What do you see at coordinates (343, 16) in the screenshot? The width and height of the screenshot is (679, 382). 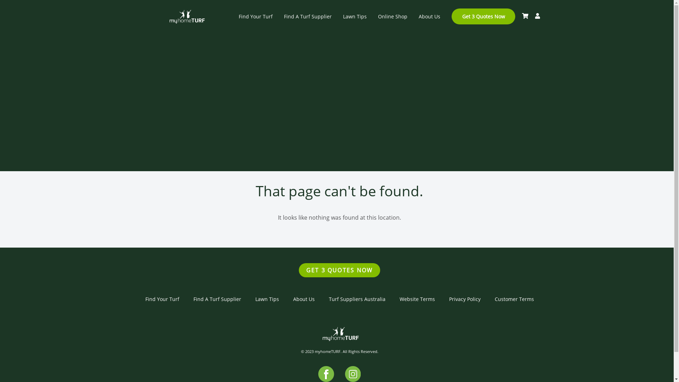 I see `'Lawn Tips'` at bounding box center [343, 16].